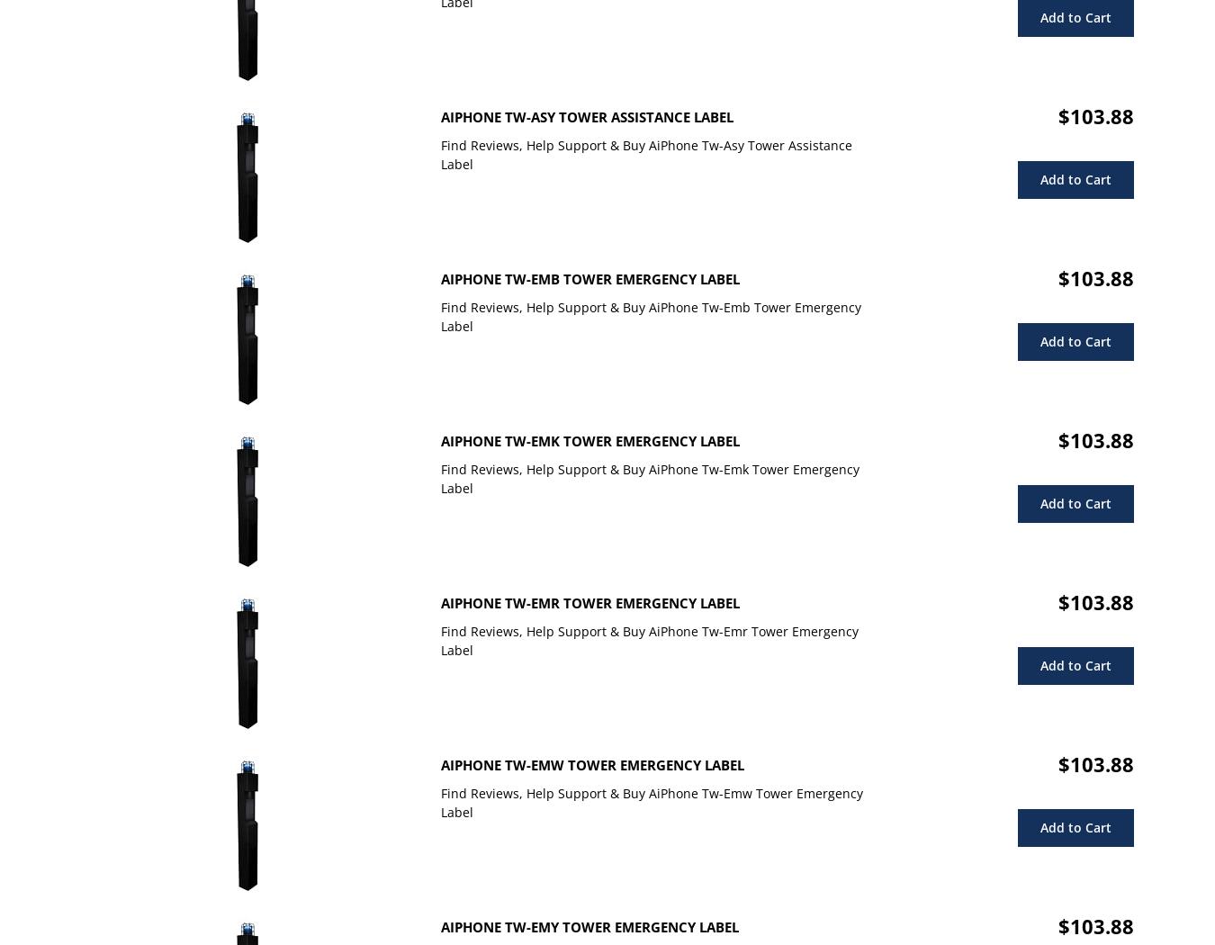 The width and height of the screenshot is (1215, 945). What do you see at coordinates (589, 278) in the screenshot?
I see `'AiPhone Tw-Emb Tower Emergency Label'` at bounding box center [589, 278].